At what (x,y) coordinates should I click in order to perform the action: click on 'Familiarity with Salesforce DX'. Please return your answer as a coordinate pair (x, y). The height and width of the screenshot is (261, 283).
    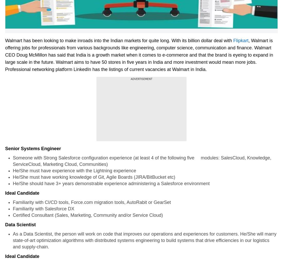
    Looking at the image, I should click on (49, 208).